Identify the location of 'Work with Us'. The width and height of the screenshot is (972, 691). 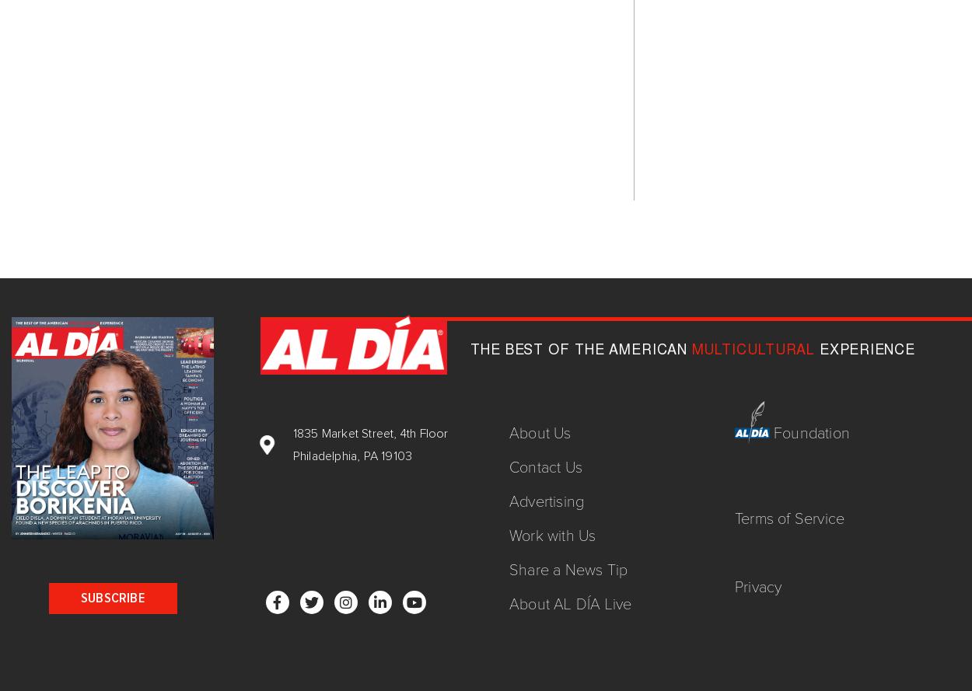
(551, 535).